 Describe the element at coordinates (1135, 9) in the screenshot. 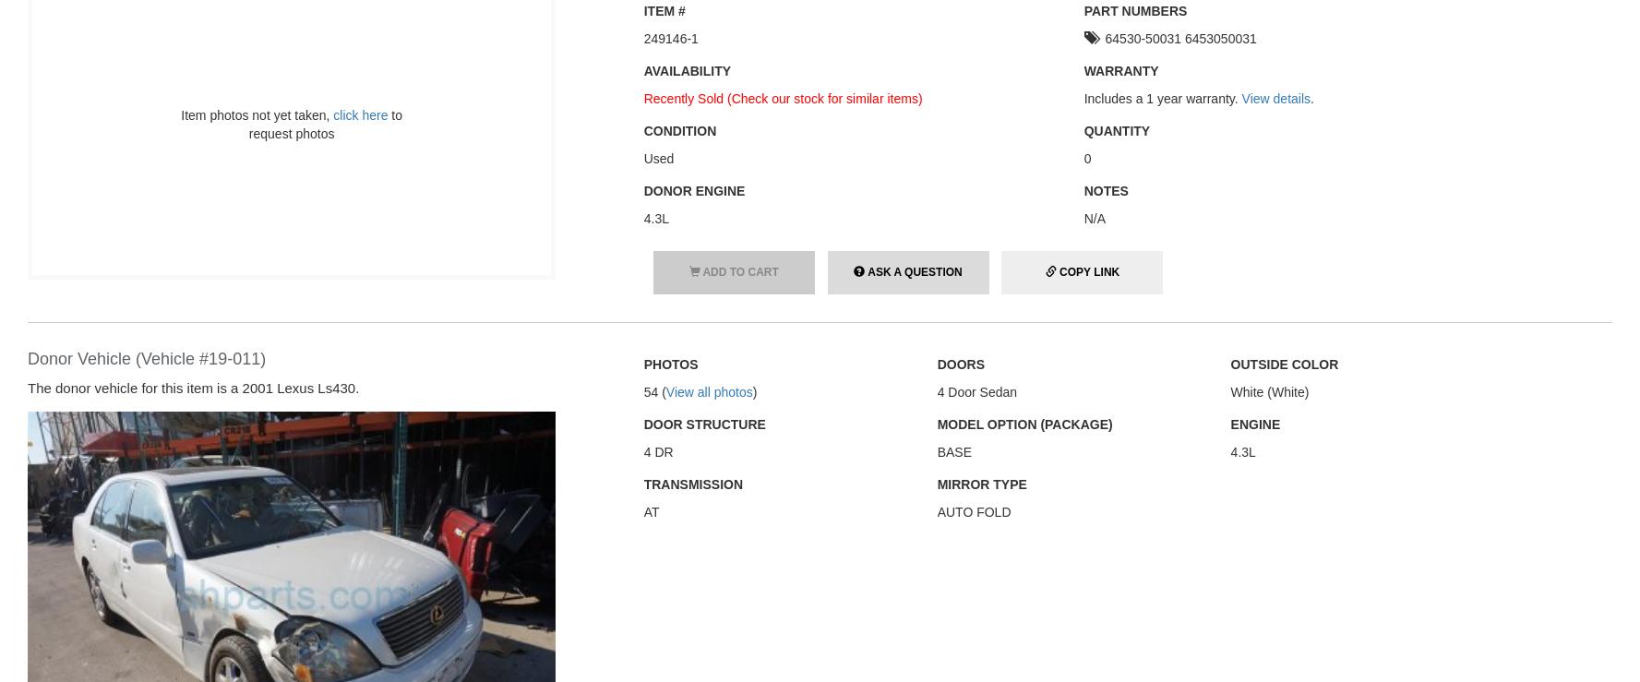

I see `'Part Numbers'` at that location.